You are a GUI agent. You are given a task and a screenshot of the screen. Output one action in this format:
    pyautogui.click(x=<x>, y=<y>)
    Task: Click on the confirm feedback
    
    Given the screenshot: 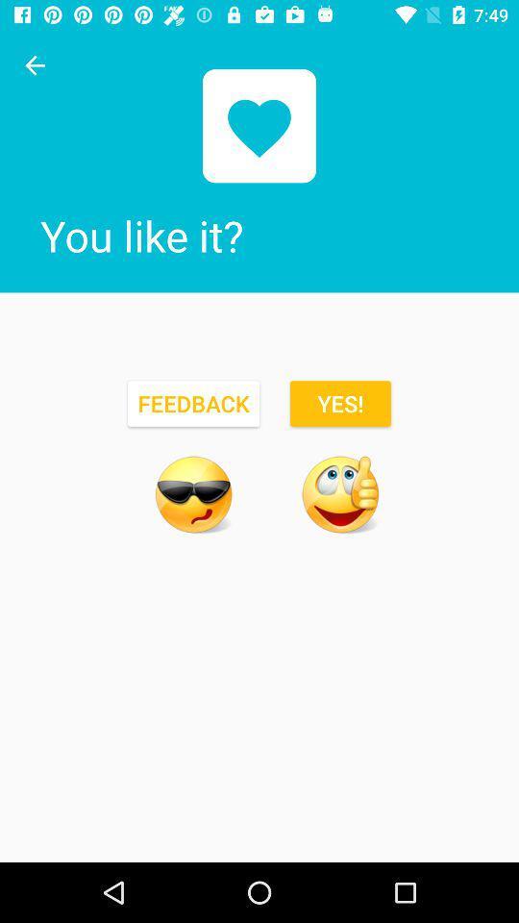 What is the action you would take?
    pyautogui.click(x=339, y=493)
    